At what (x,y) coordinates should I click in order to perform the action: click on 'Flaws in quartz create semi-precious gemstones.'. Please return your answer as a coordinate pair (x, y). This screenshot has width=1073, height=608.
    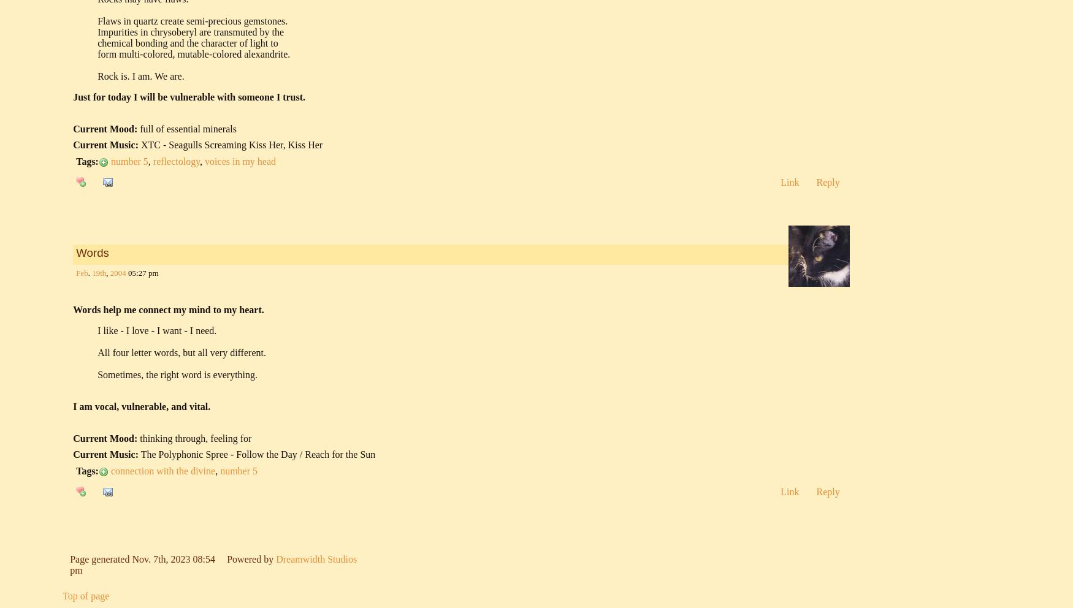
    Looking at the image, I should click on (191, 20).